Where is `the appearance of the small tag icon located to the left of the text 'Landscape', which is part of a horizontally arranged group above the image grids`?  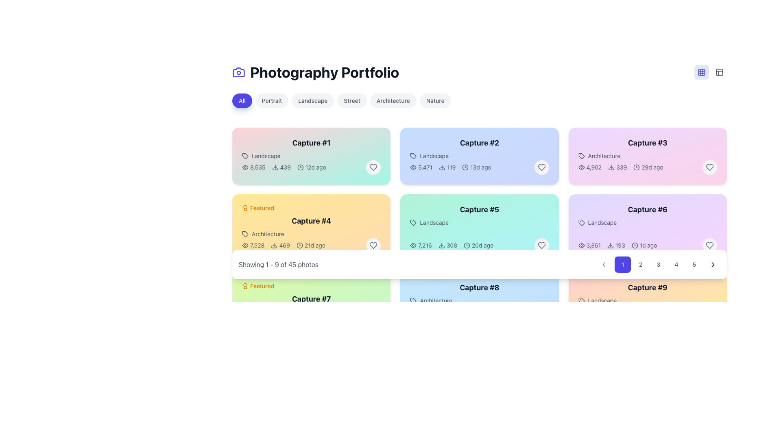 the appearance of the small tag icon located to the left of the text 'Landscape', which is part of a horizontally arranged group above the image grids is located at coordinates (581, 222).